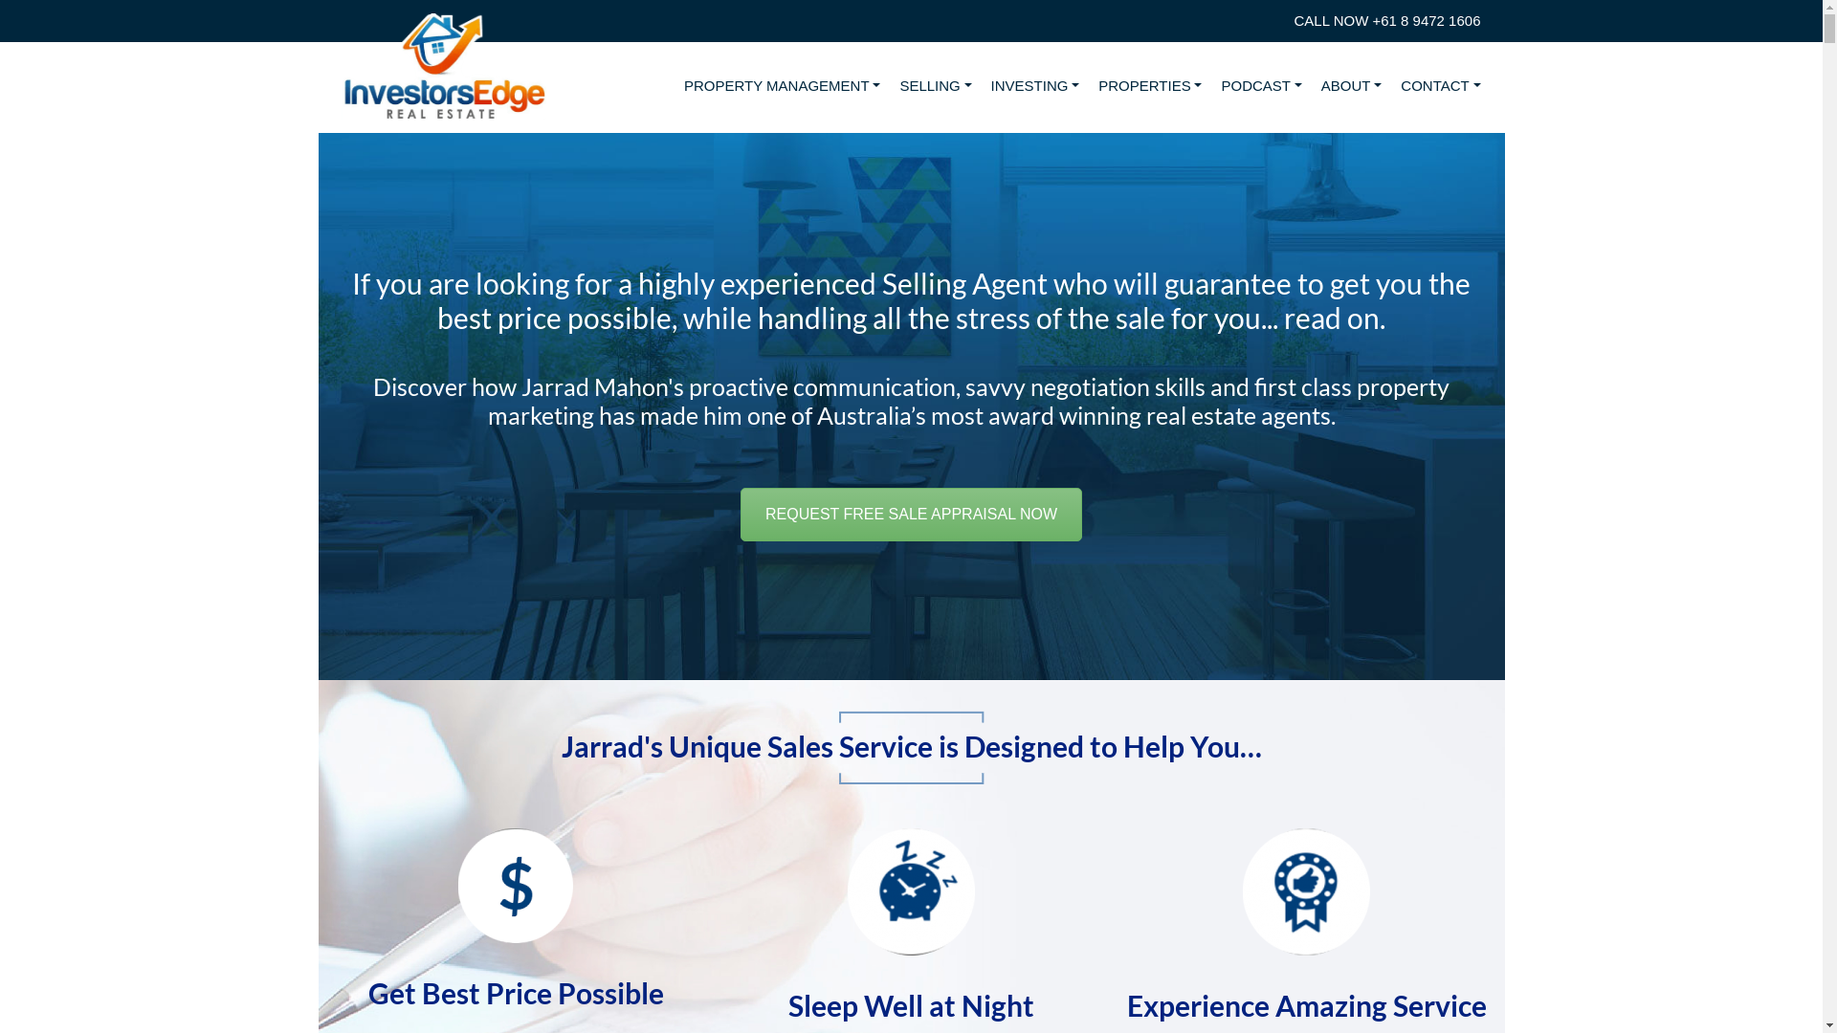 Image resolution: width=1837 pixels, height=1033 pixels. I want to click on 'clock-icon', so click(910, 891).